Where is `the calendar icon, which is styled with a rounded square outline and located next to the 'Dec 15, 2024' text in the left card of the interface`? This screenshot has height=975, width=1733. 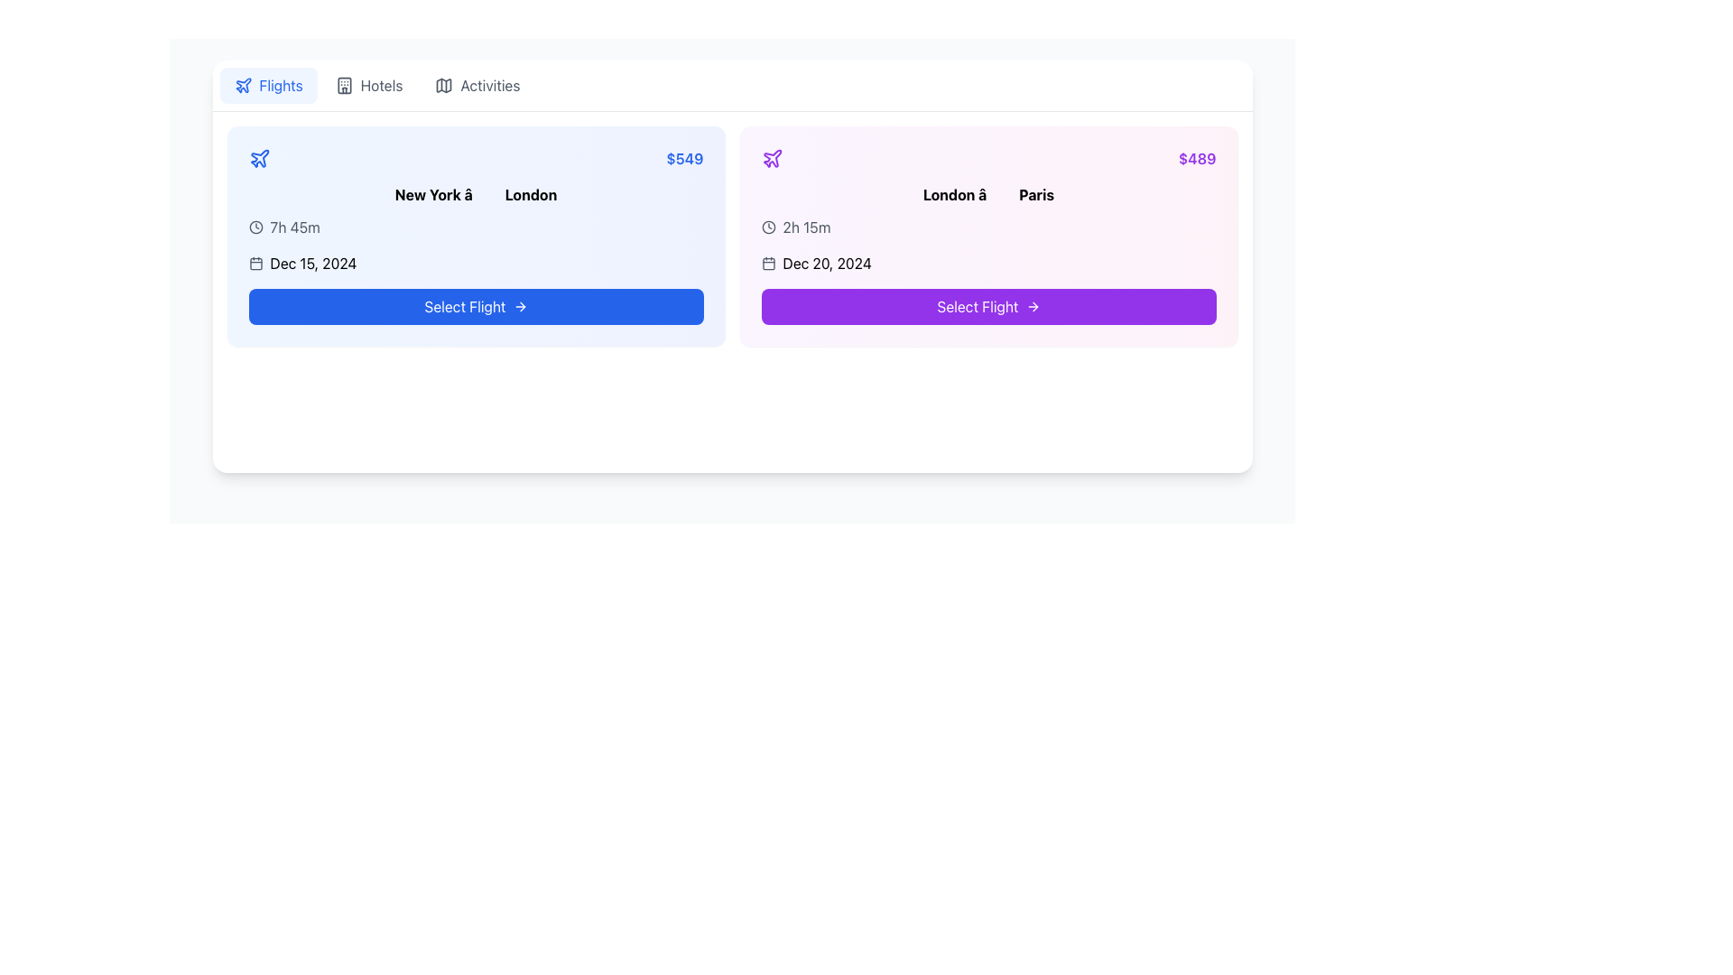 the calendar icon, which is styled with a rounded square outline and located next to the 'Dec 15, 2024' text in the left card of the interface is located at coordinates (255, 264).